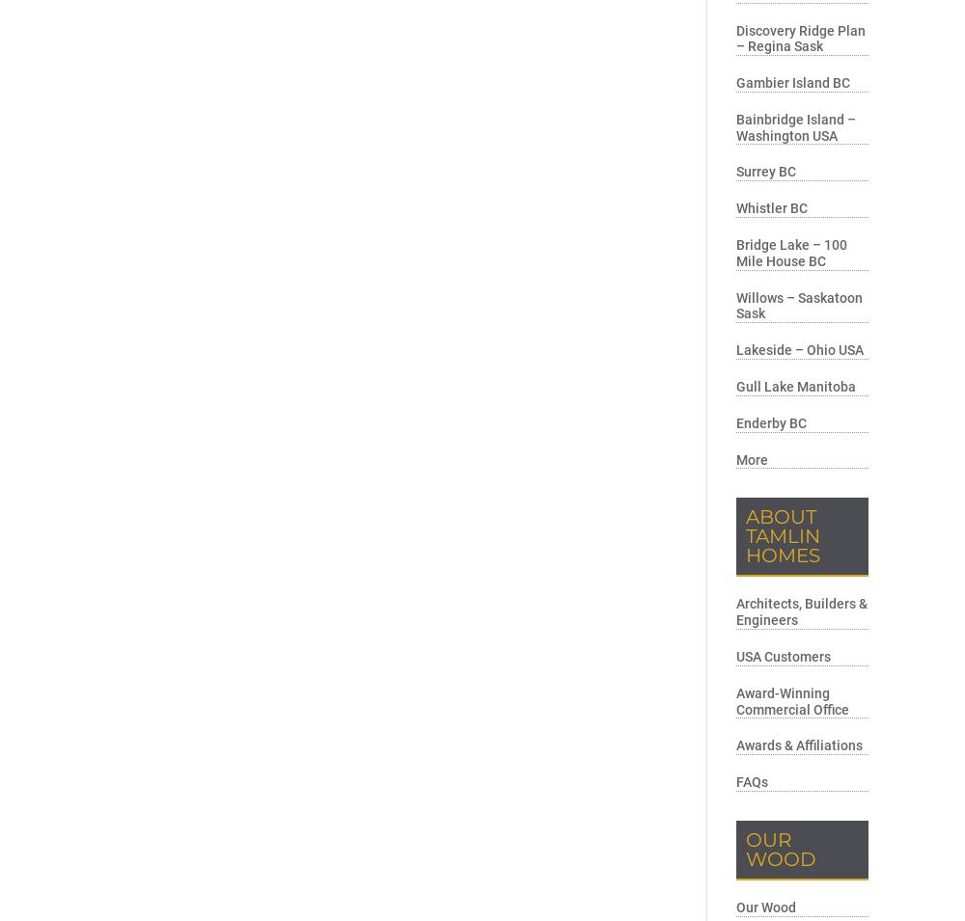  I want to click on 'Surrey BC', so click(766, 172).